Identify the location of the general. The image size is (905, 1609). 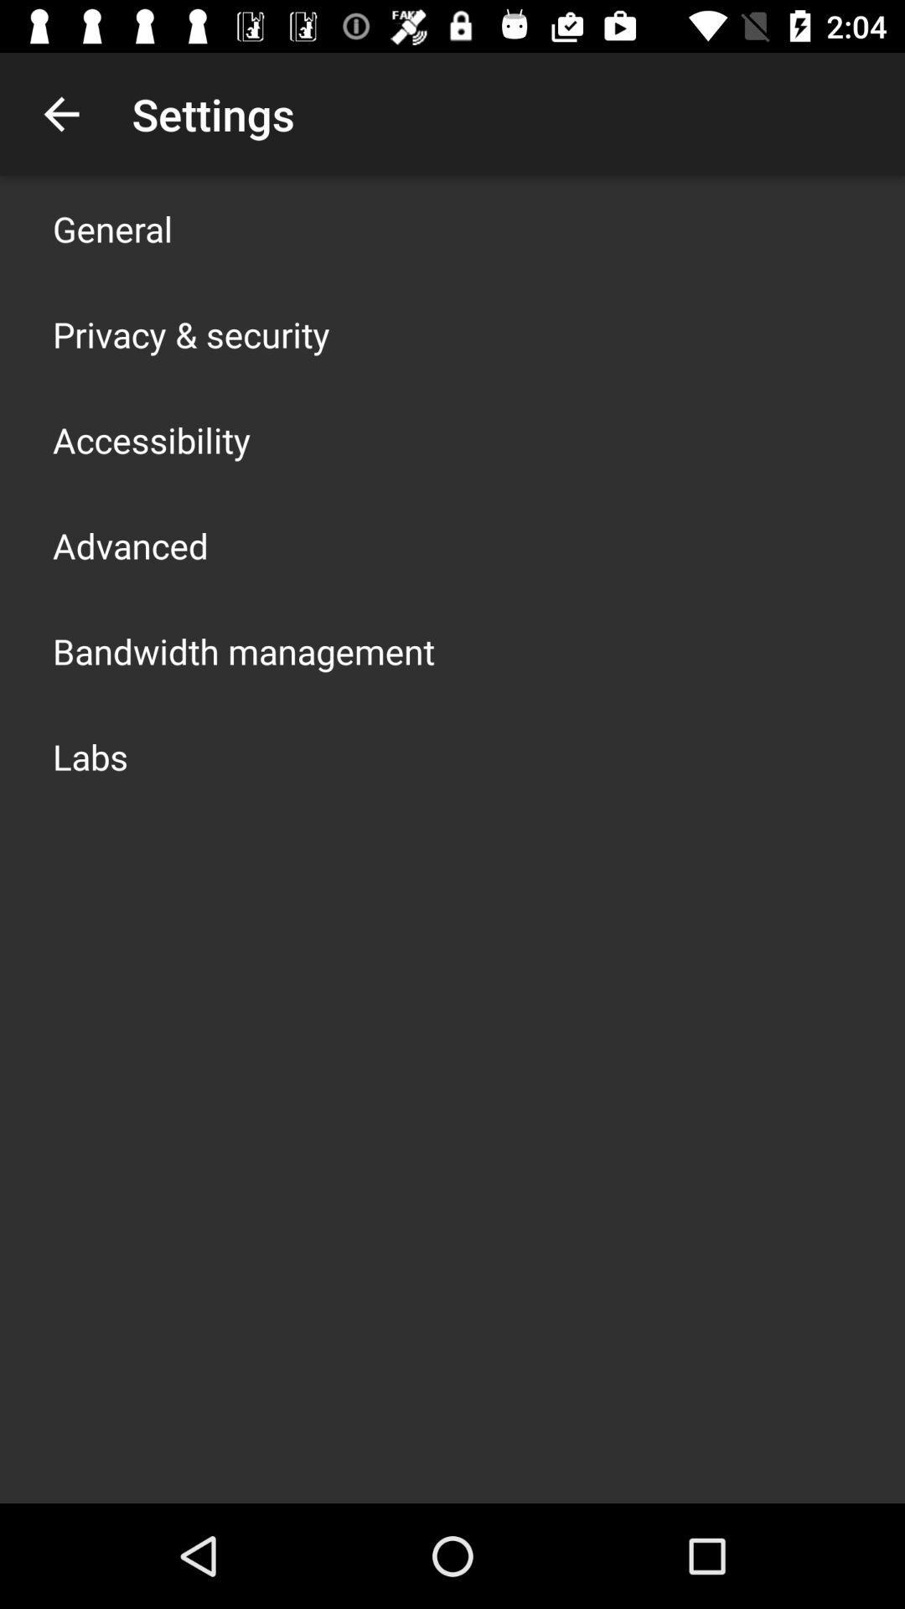
(112, 228).